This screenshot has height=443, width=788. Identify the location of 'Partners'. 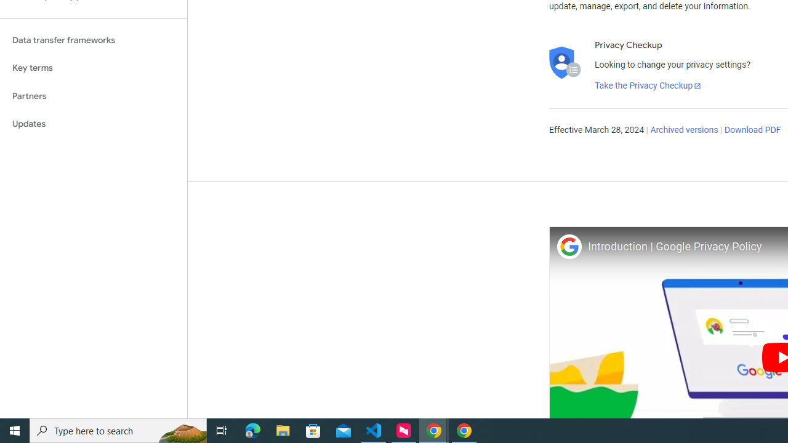
(93, 95).